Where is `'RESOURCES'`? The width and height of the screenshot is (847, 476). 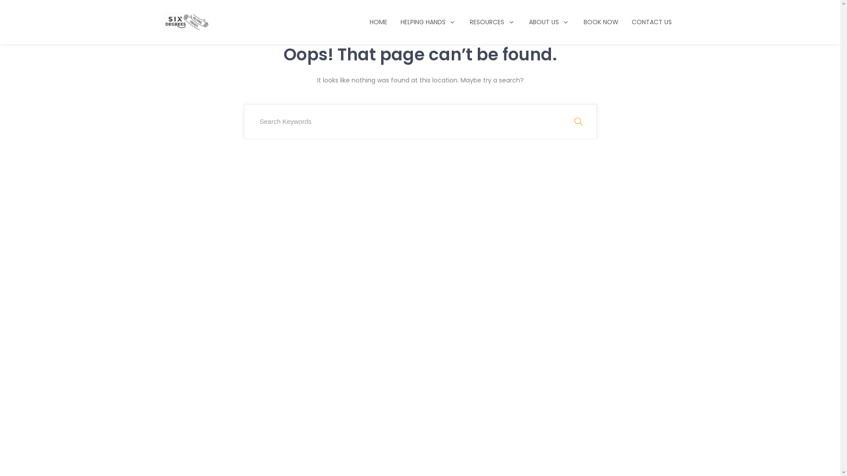
'RESOURCES' is located at coordinates (492, 22).